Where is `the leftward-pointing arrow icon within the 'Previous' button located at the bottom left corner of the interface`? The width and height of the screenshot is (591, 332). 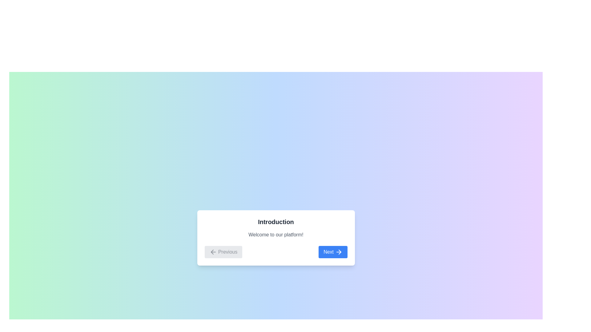
the leftward-pointing arrow icon within the 'Previous' button located at the bottom left corner of the interface is located at coordinates (213, 252).